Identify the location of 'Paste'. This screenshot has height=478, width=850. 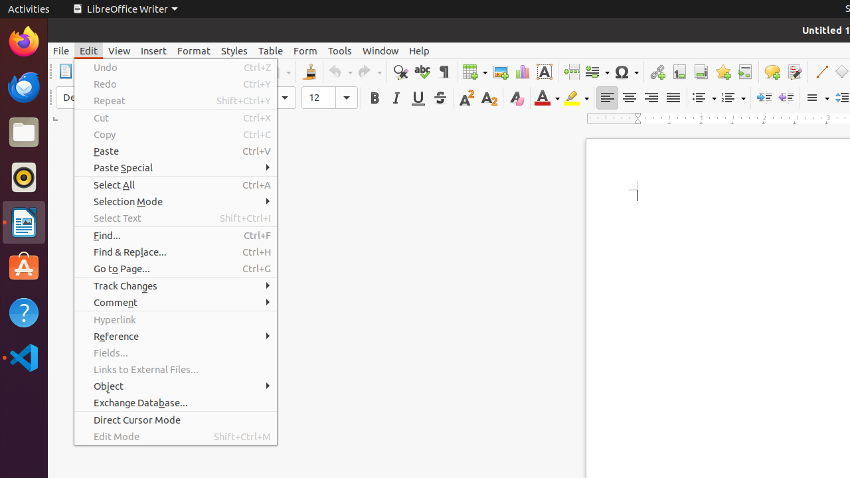
(175, 150).